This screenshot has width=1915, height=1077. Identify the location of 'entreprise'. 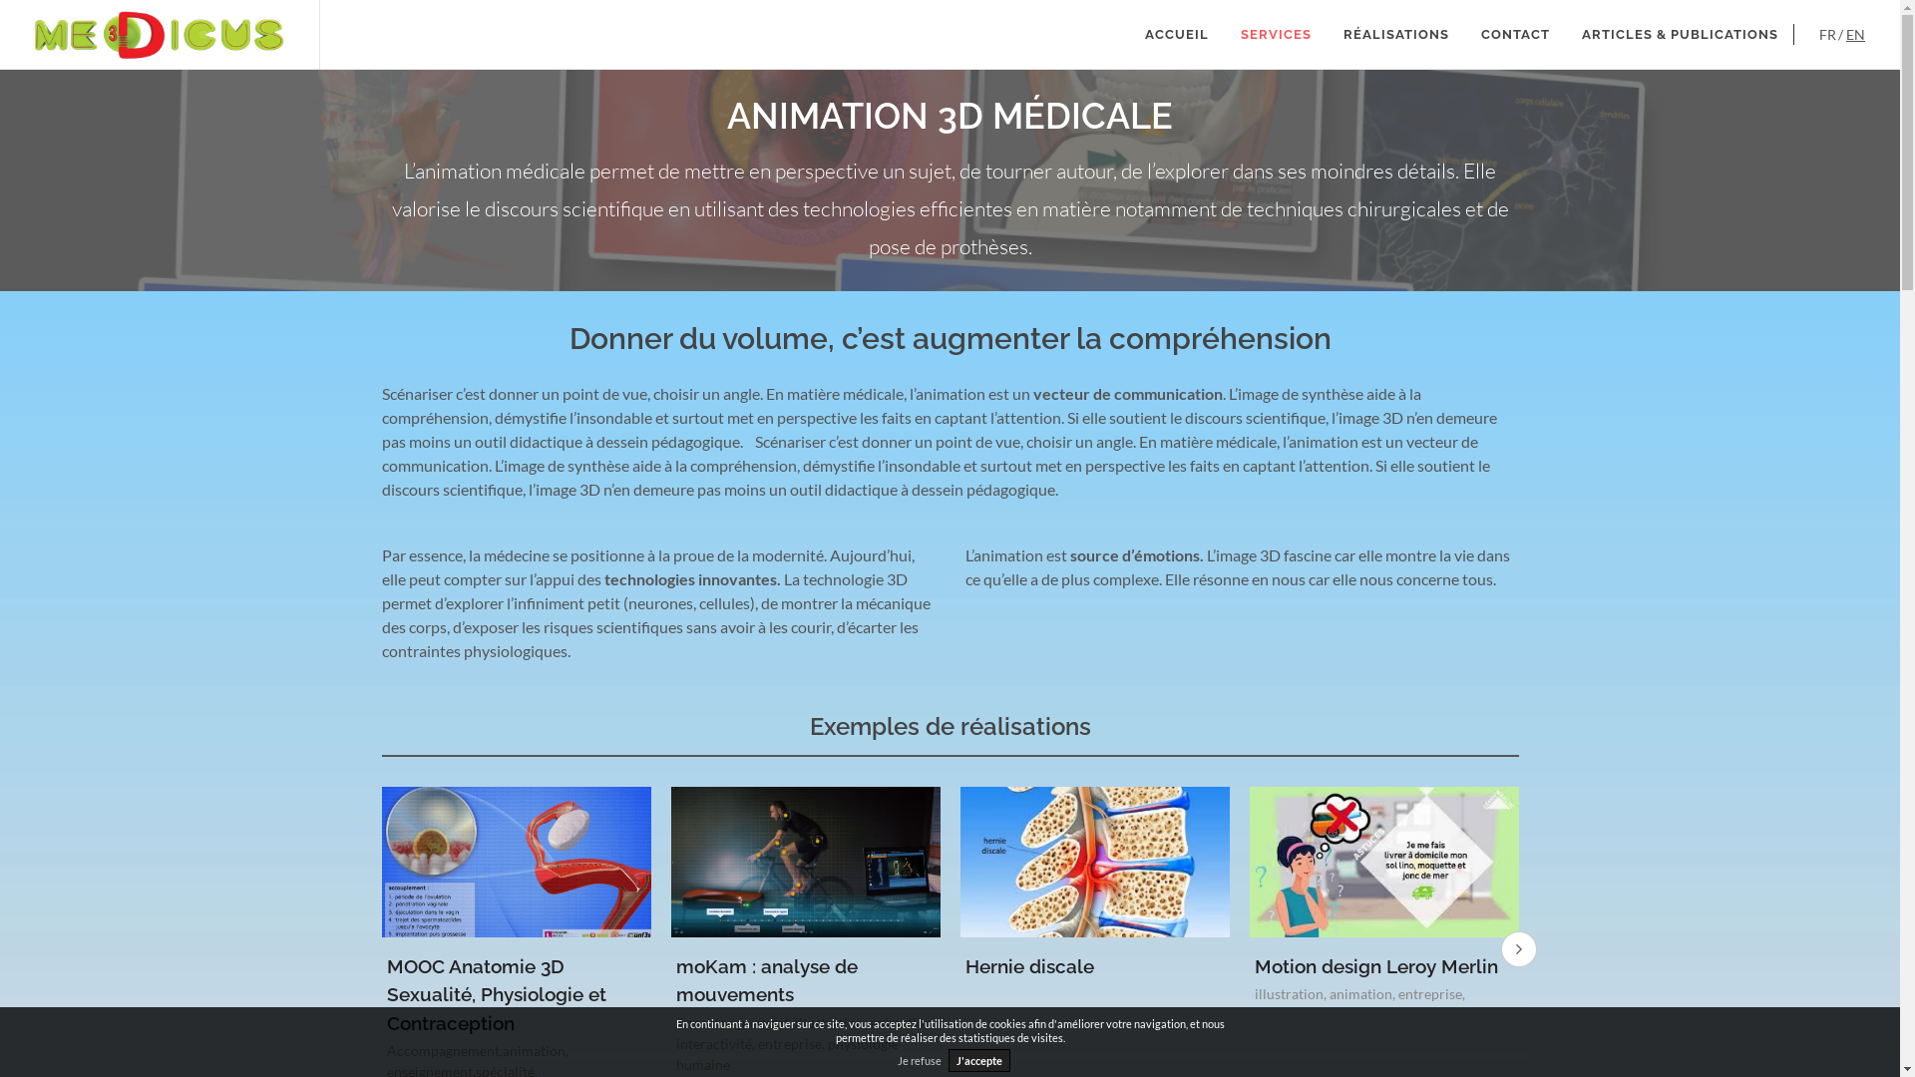
(1429, 993).